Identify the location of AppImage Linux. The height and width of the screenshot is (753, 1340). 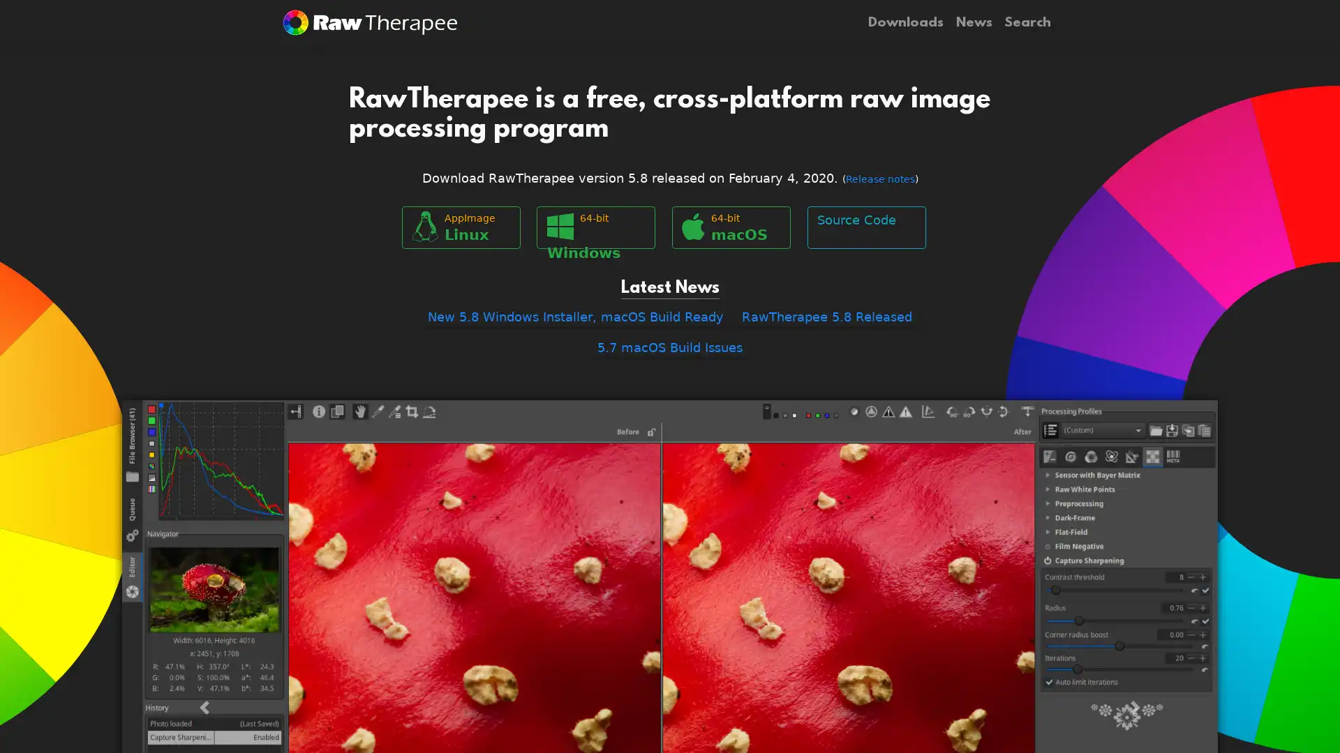
(461, 227).